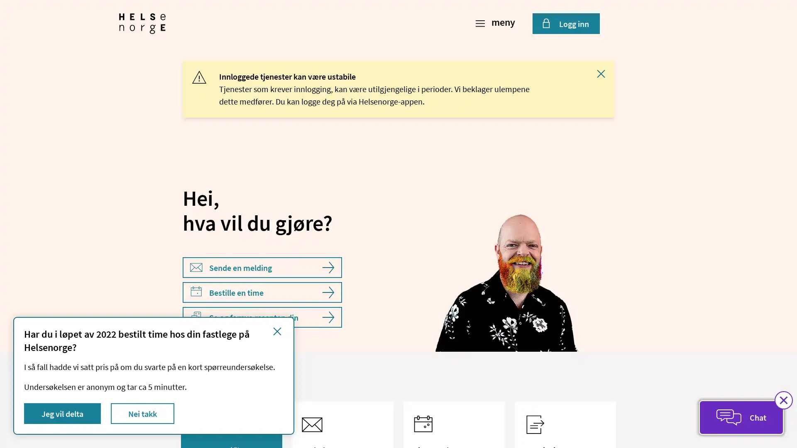 The height and width of the screenshot is (448, 797). I want to click on Lukk, so click(277, 331).